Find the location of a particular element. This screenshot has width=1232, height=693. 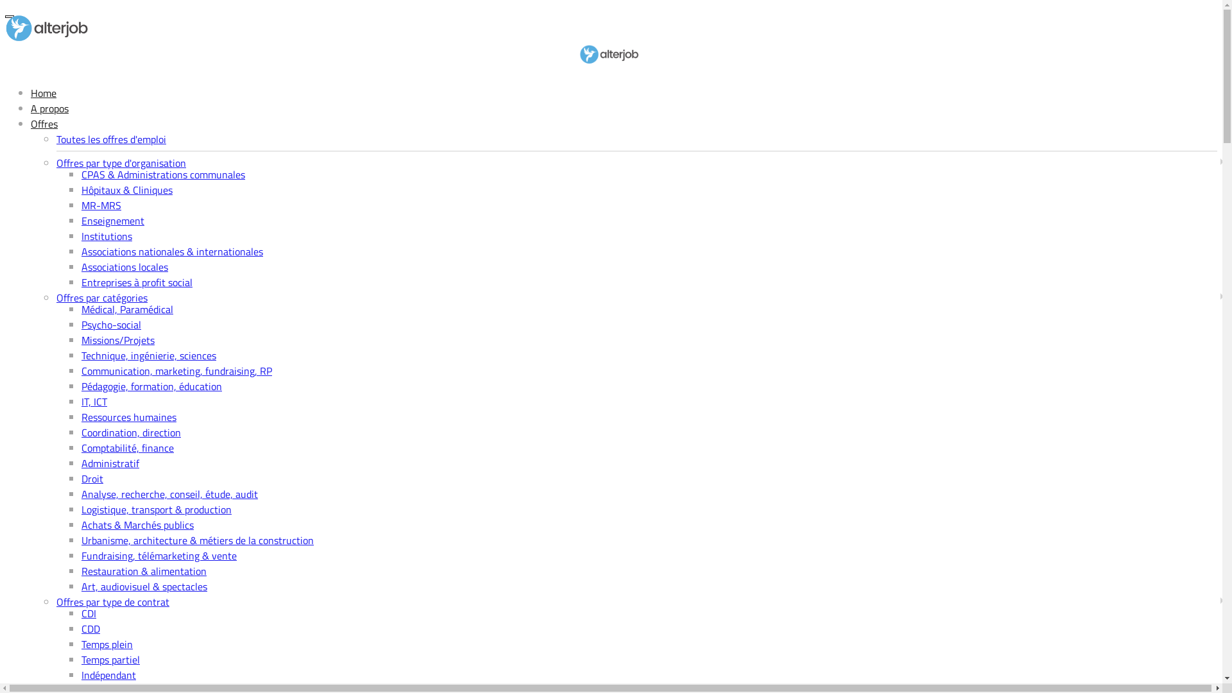

'Institutions' is located at coordinates (107, 235).